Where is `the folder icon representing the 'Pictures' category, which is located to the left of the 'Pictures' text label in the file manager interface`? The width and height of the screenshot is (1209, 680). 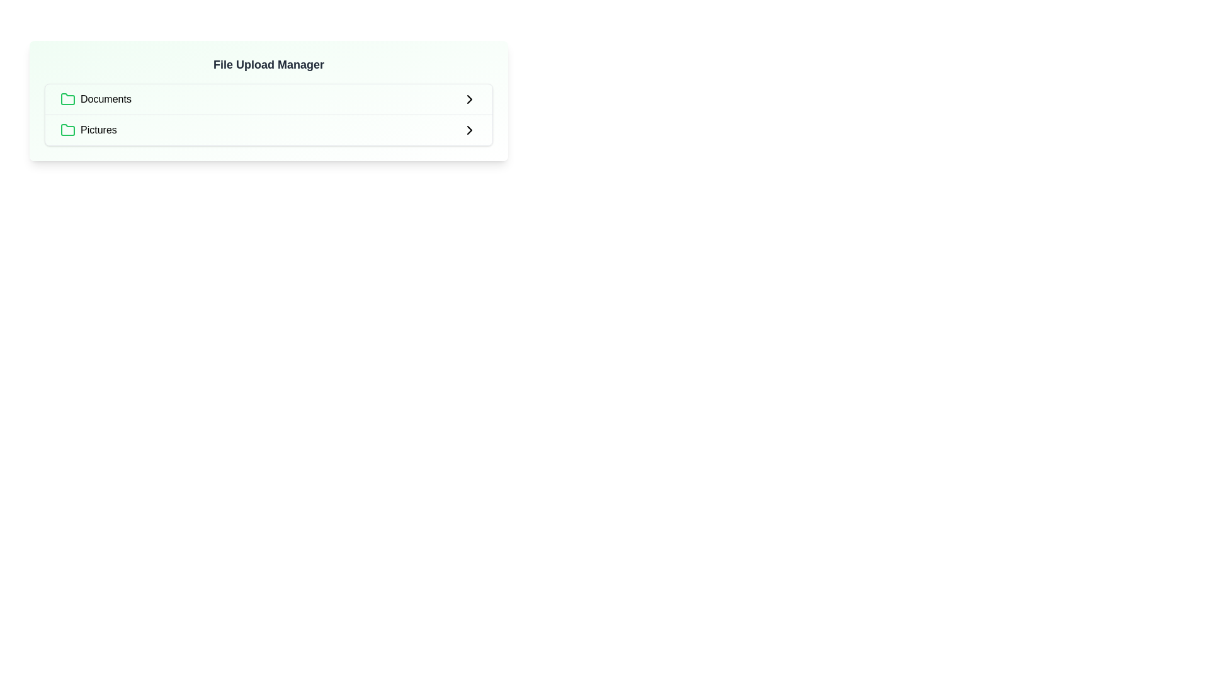
the folder icon representing the 'Pictures' category, which is located to the left of the 'Pictures' text label in the file manager interface is located at coordinates (67, 130).